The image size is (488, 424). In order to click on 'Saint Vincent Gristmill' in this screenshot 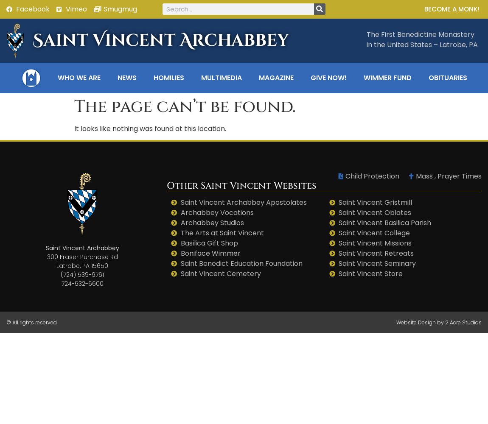, I will do `click(375, 202)`.